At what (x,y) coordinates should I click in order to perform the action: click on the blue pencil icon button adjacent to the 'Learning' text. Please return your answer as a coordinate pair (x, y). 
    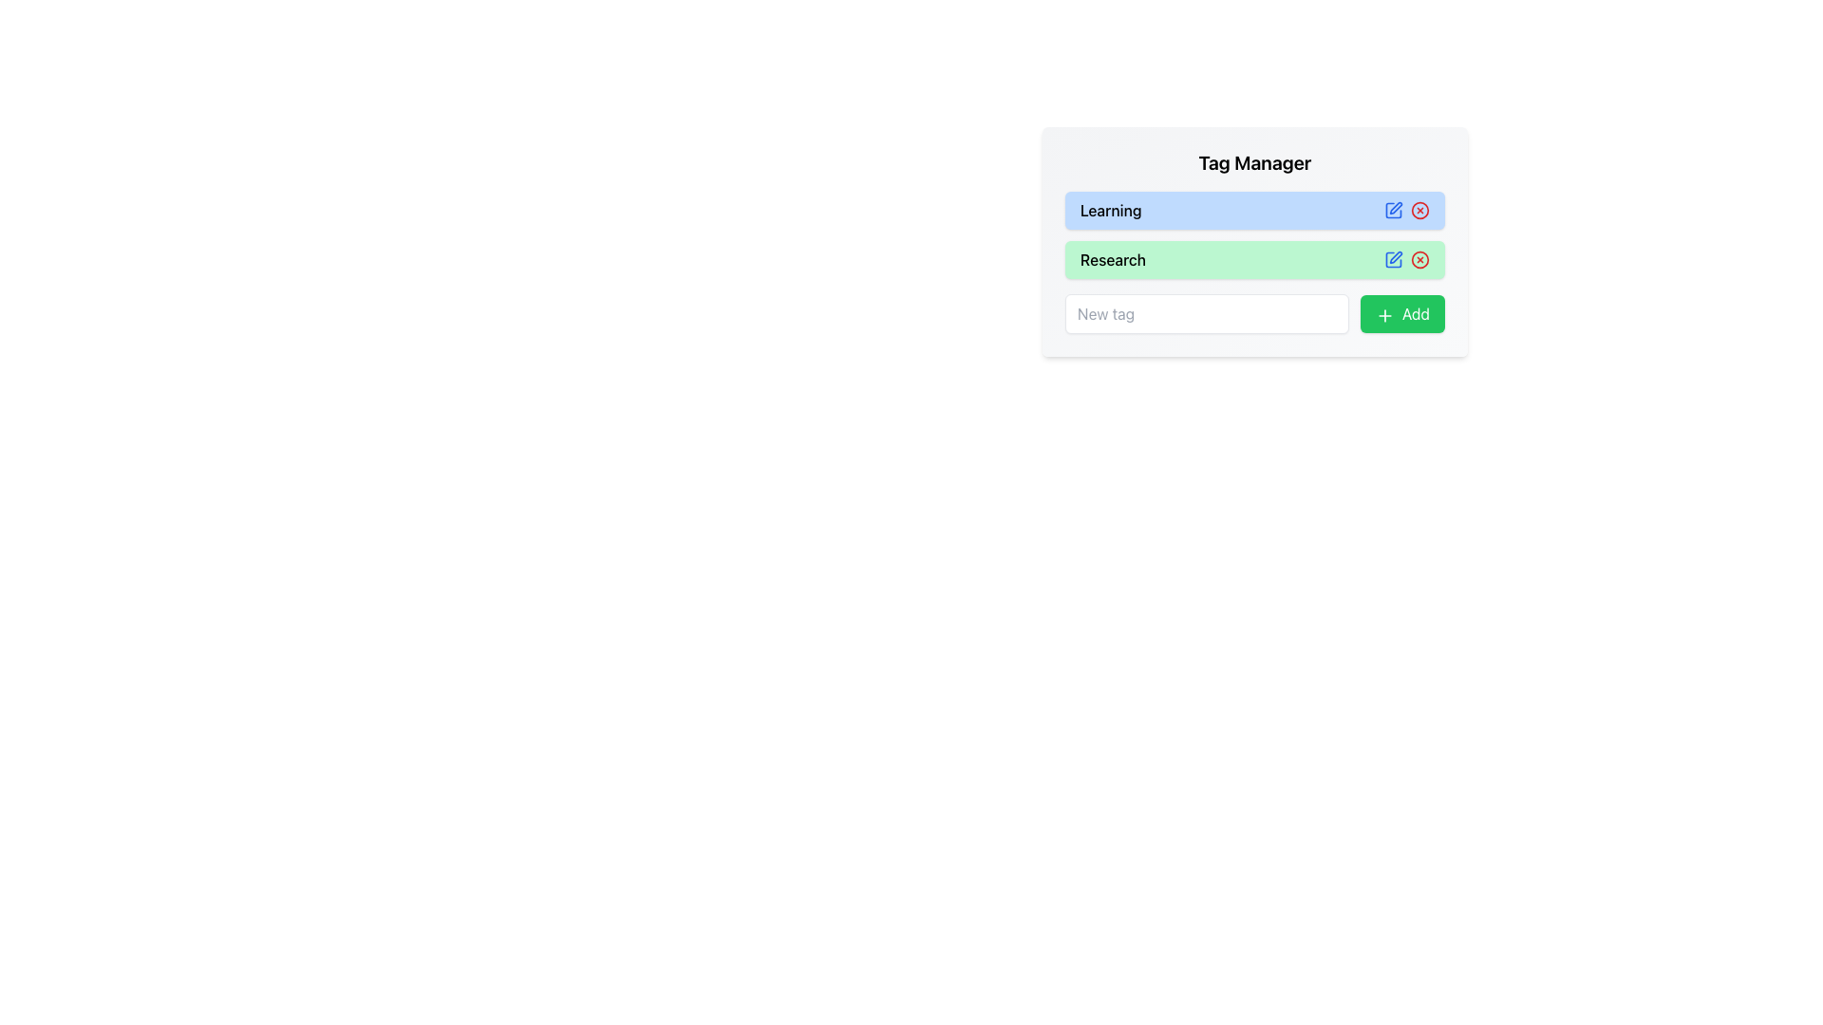
    Looking at the image, I should click on (1394, 211).